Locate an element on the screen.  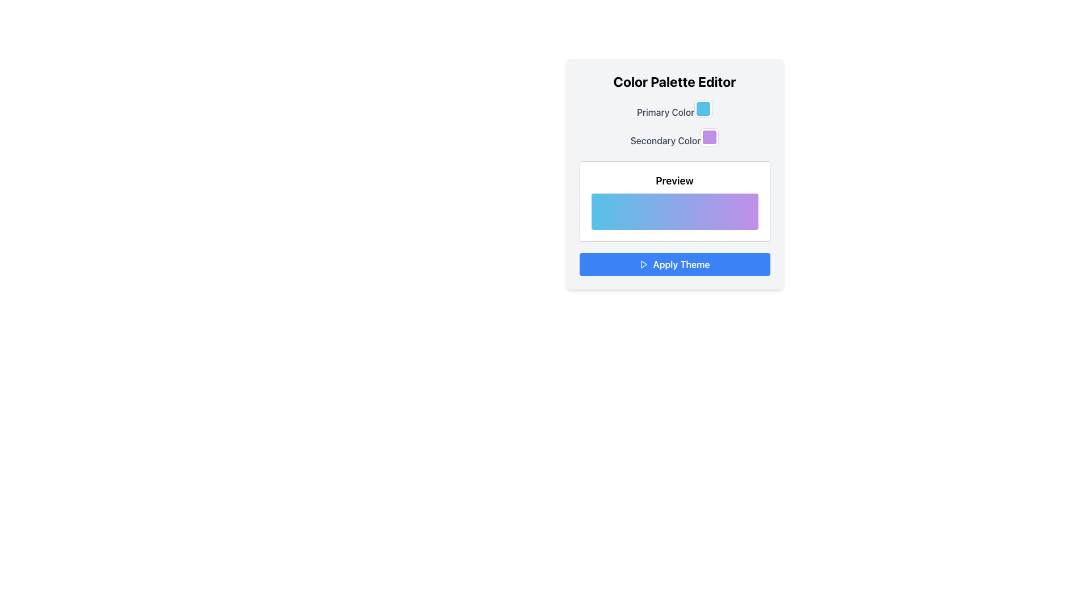
the decorative play icon that complements the 'Apply Theme' button, located at the bottom of the panel is located at coordinates (644, 264).